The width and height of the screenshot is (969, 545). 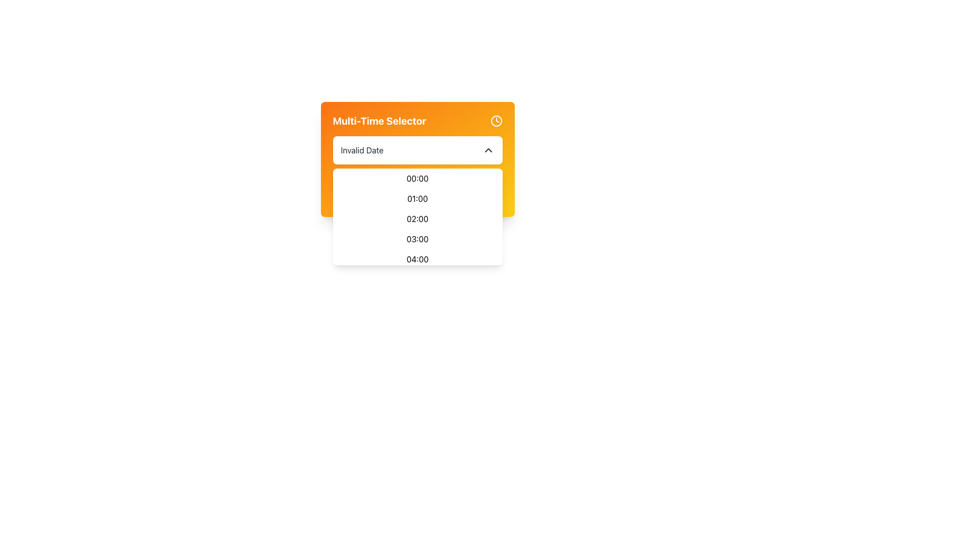 I want to click on the central Circle (SVG Element) of the clock icon in the top-right corner of the 'Multi-Time Selector' component, so click(x=496, y=120).